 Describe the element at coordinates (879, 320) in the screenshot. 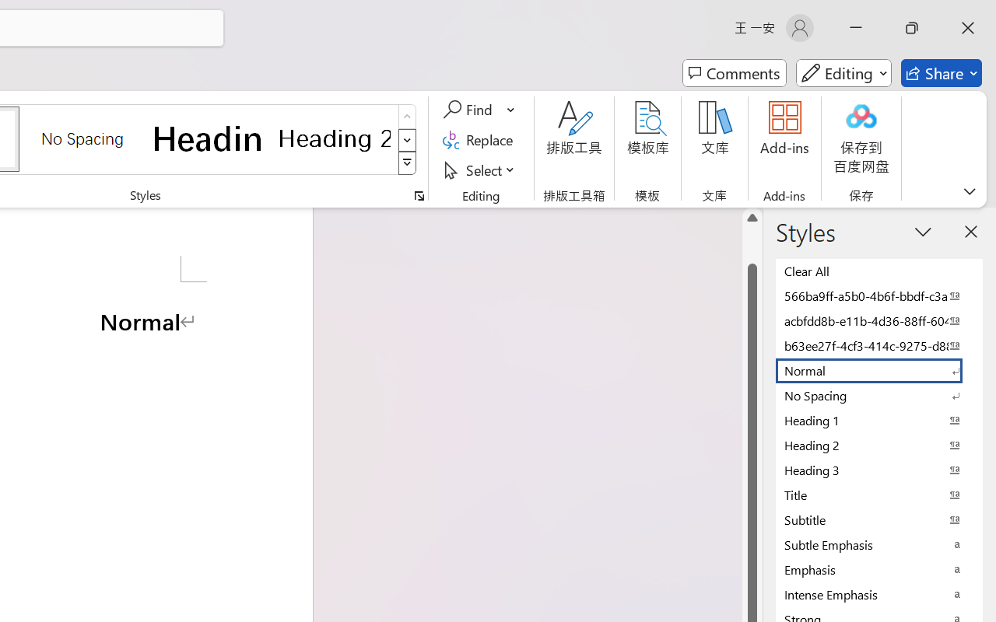

I see `'acbfdd8b-e11b-4d36-88ff-6049b138f862'` at that location.